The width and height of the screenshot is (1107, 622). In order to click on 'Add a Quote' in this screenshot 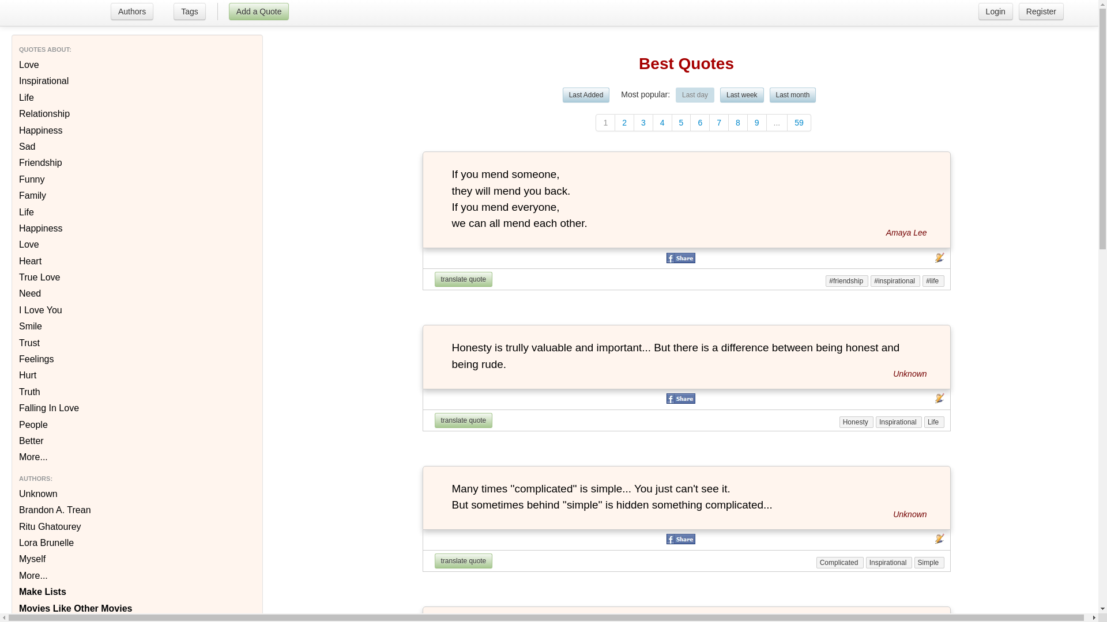, I will do `click(258, 11)`.